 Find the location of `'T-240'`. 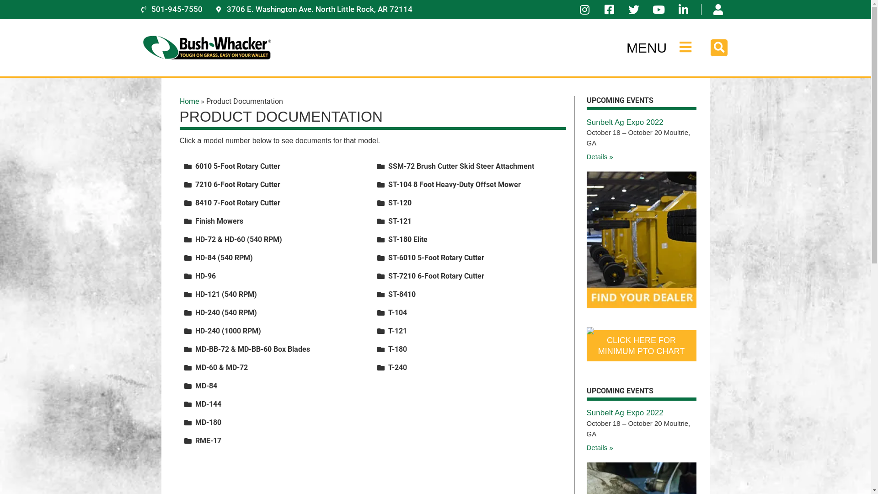

'T-240' is located at coordinates (397, 367).